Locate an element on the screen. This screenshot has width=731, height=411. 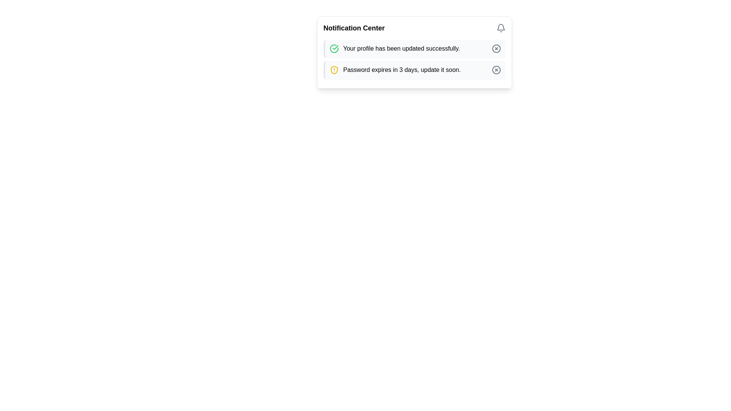
the notification icon is located at coordinates (501, 27).